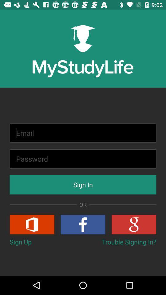  What do you see at coordinates (129, 242) in the screenshot?
I see `button to the right of the sign up item` at bounding box center [129, 242].